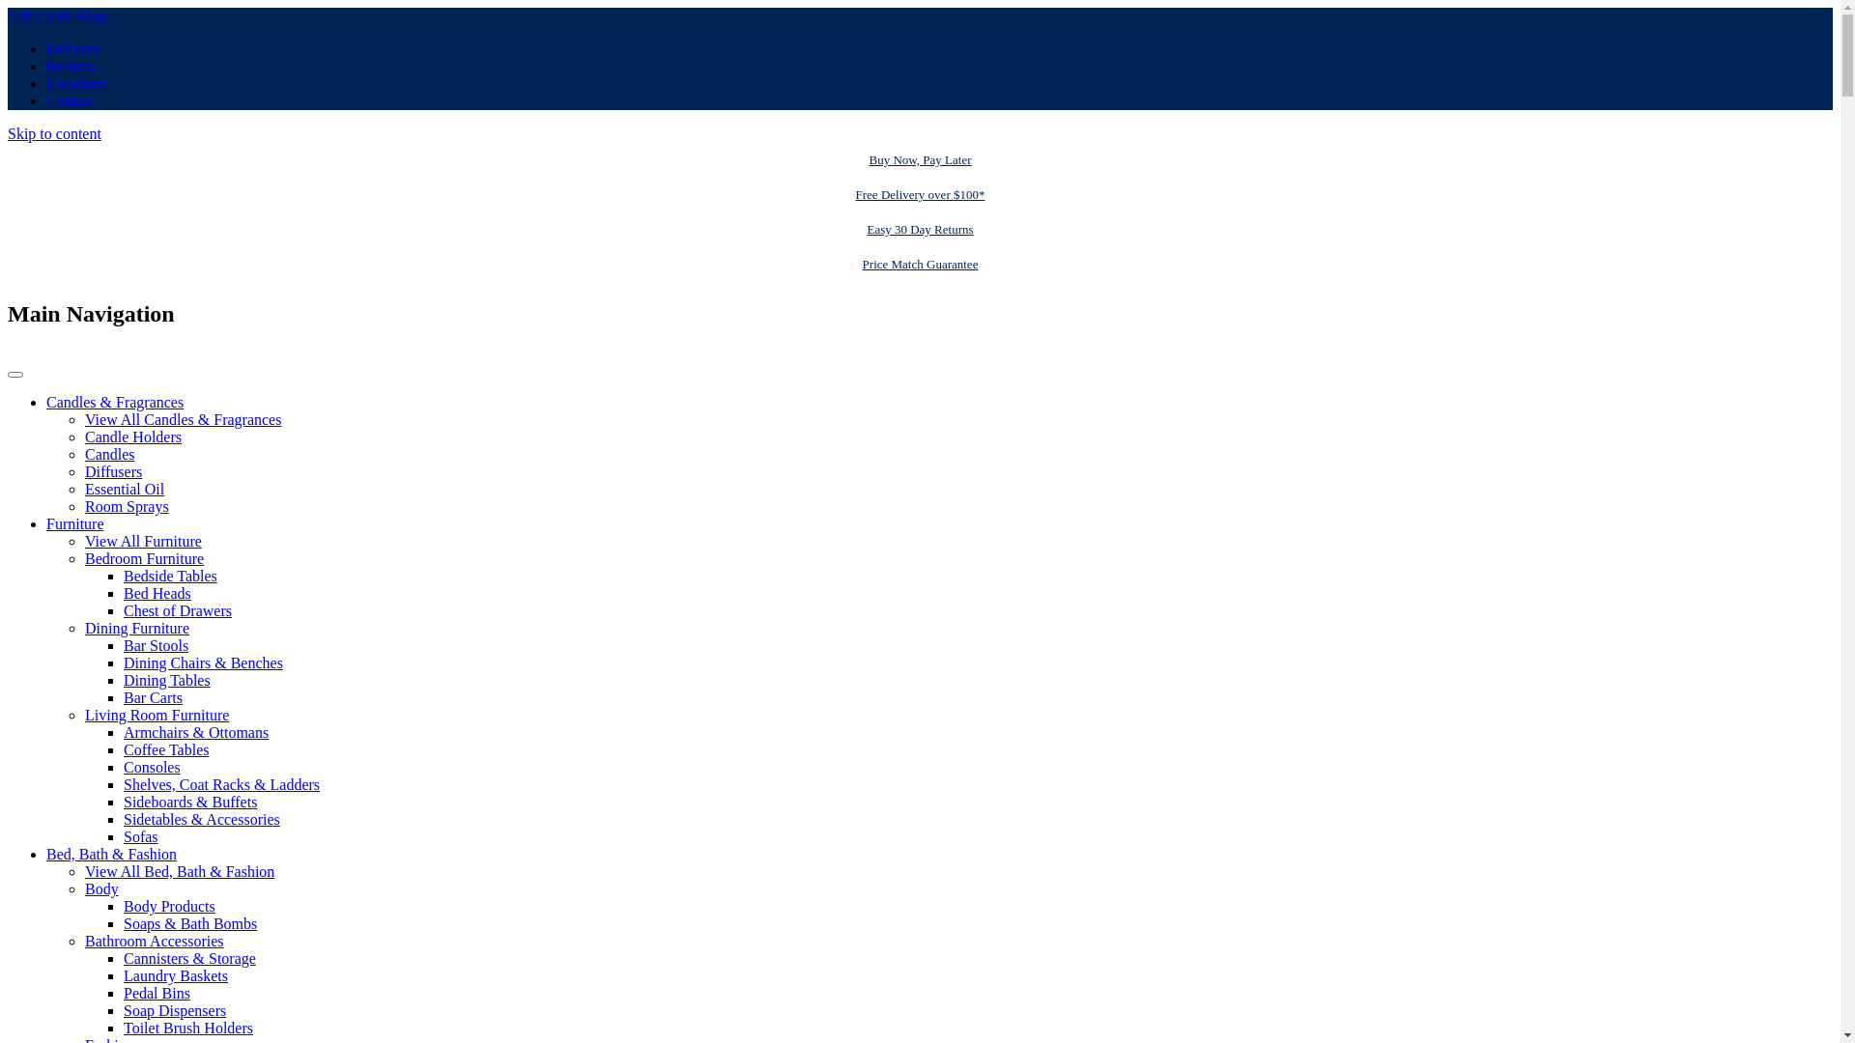 The width and height of the screenshot is (1855, 1043). Describe the element at coordinates (90, 15) in the screenshot. I see `'Blog'` at that location.